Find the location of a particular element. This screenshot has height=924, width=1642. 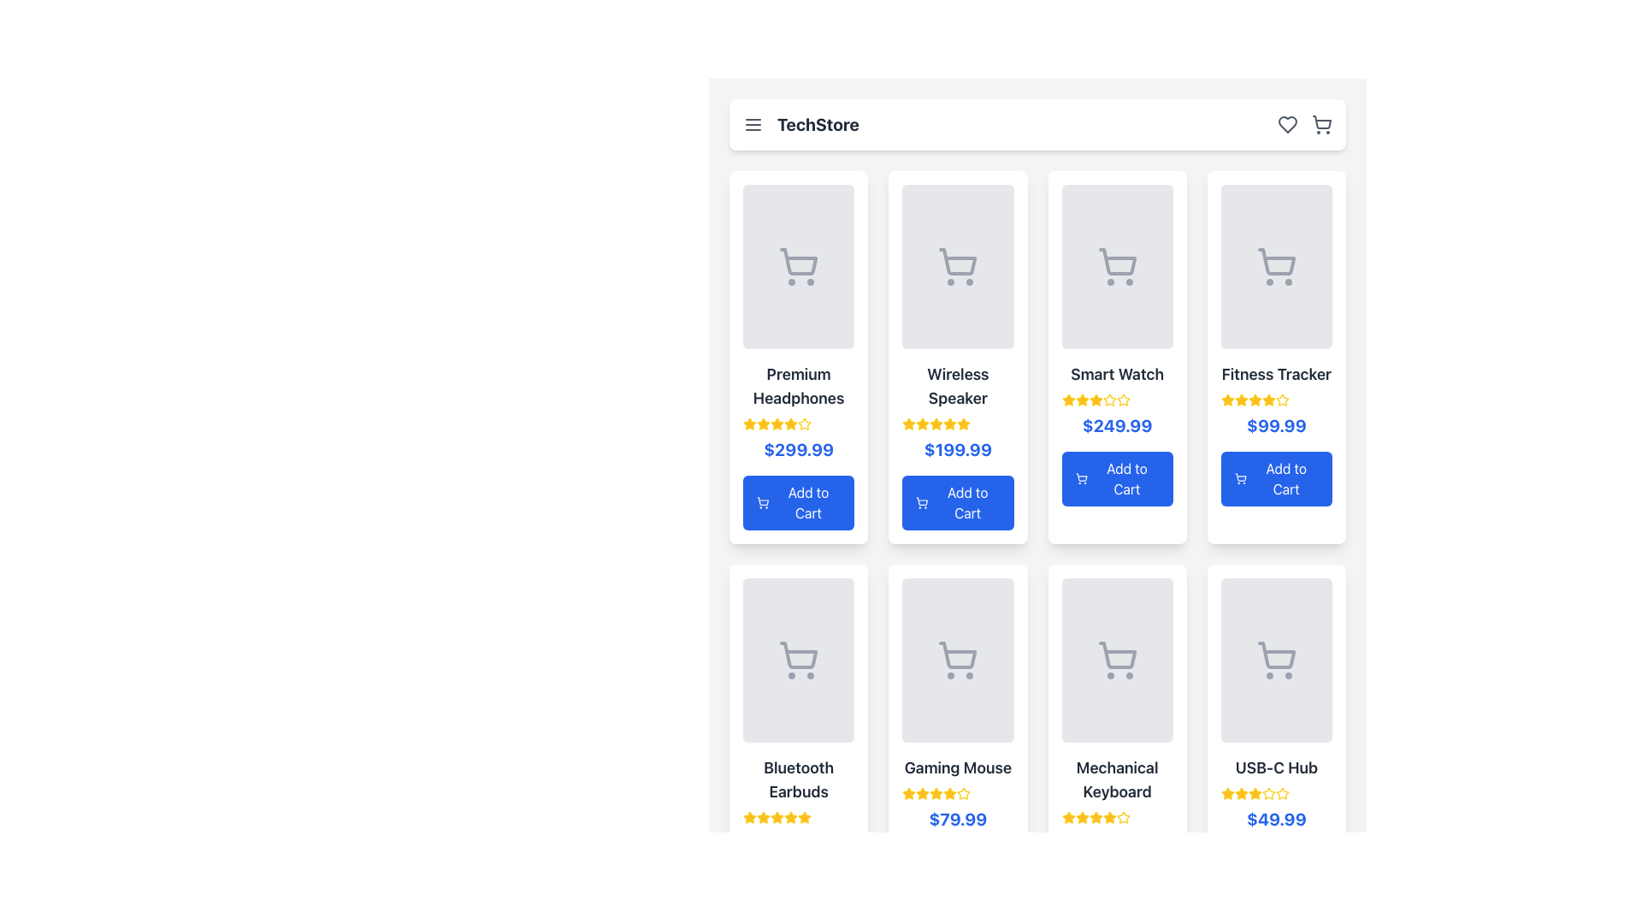

the star rating display for the product located below the 'Premium Headphones' title and above the price '$299.99' is located at coordinates (798, 423).